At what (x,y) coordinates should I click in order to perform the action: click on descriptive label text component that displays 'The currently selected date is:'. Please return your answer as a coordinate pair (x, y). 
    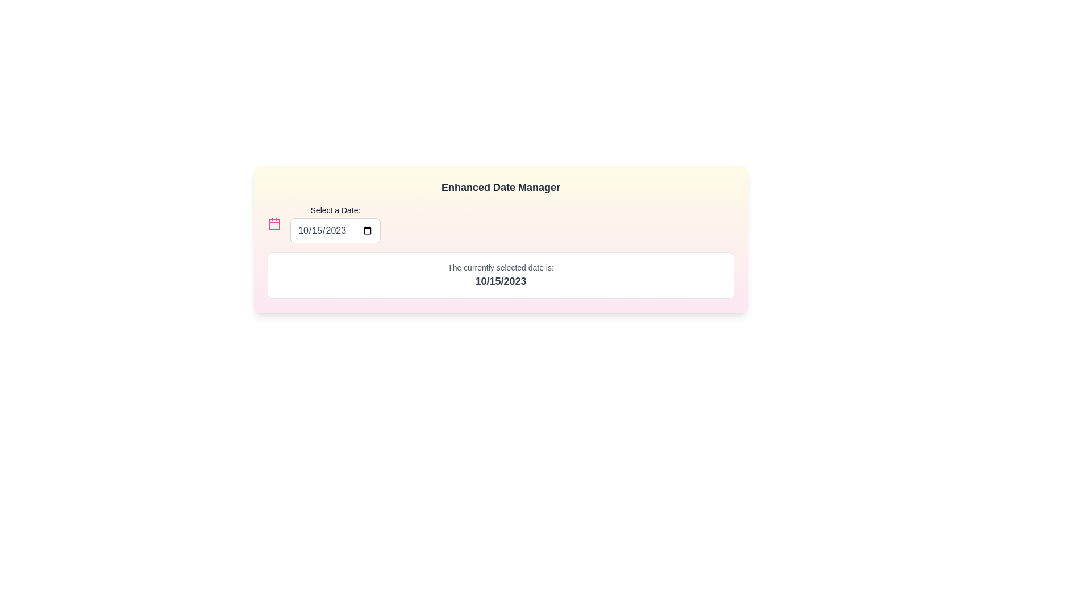
    Looking at the image, I should click on (500, 267).